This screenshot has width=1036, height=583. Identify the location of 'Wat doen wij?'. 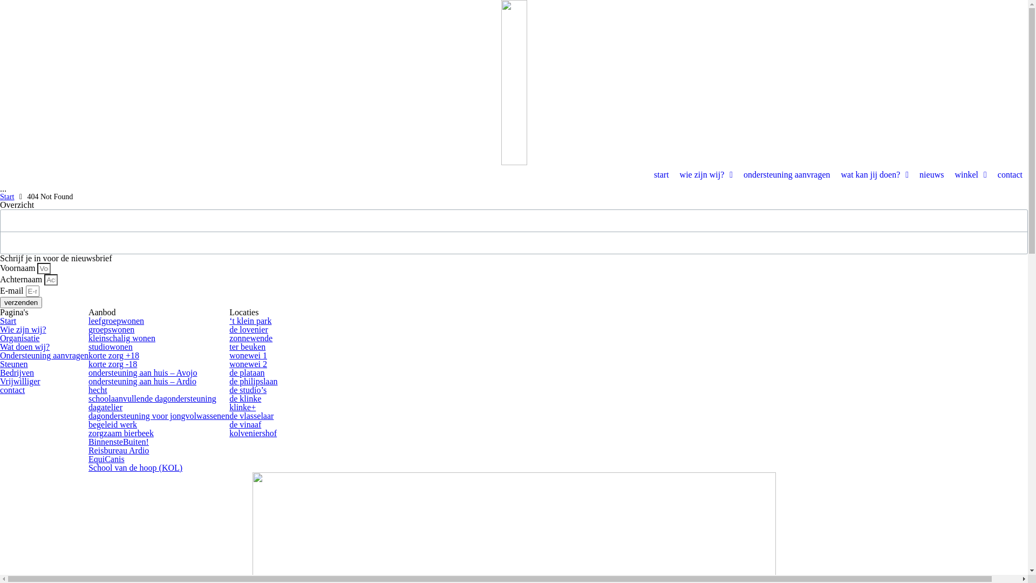
(25, 347).